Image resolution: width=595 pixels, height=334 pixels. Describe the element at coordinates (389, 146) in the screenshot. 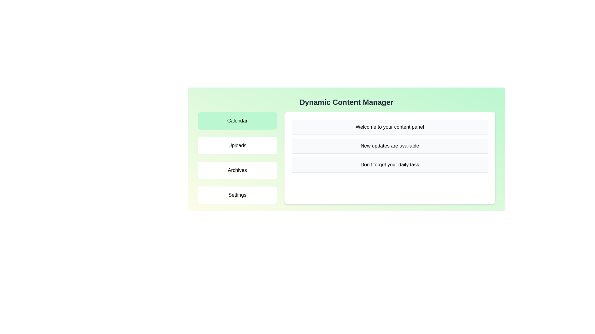

I see `the notification text for New updates are available` at that location.